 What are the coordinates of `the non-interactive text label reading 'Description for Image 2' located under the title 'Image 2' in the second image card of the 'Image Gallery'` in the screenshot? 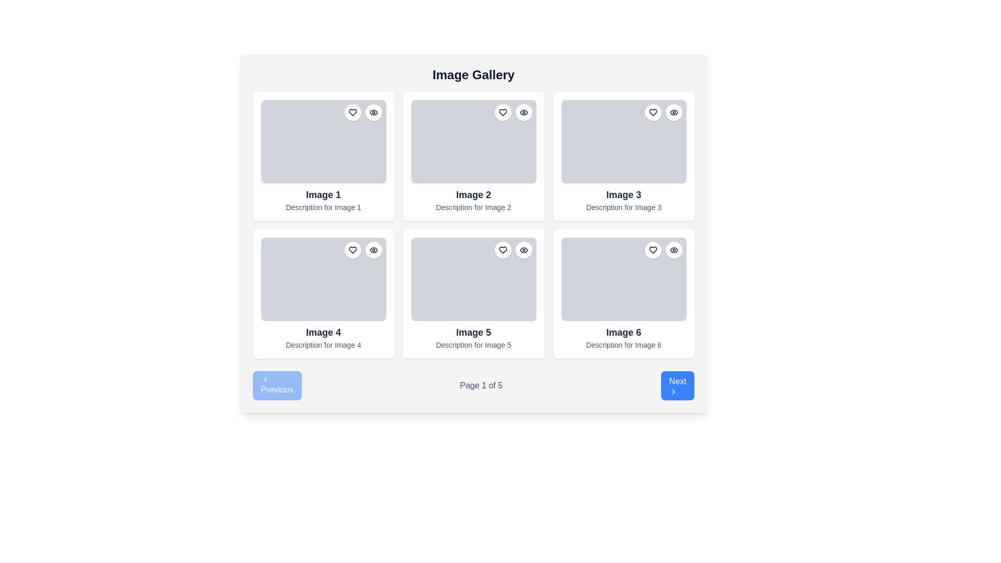 It's located at (473, 207).